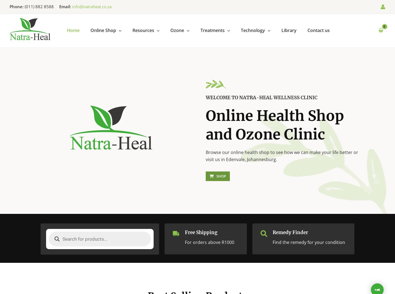  Describe the element at coordinates (216, 176) in the screenshot. I see `'Shop'` at that location.